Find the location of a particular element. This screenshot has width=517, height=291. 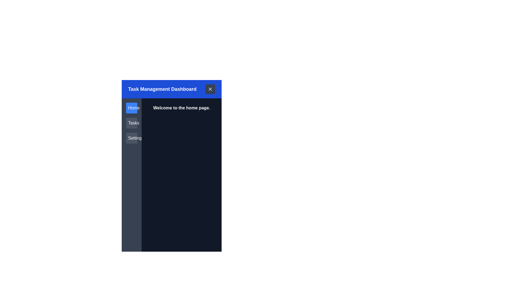

the cross-shaped icon located is located at coordinates (210, 89).